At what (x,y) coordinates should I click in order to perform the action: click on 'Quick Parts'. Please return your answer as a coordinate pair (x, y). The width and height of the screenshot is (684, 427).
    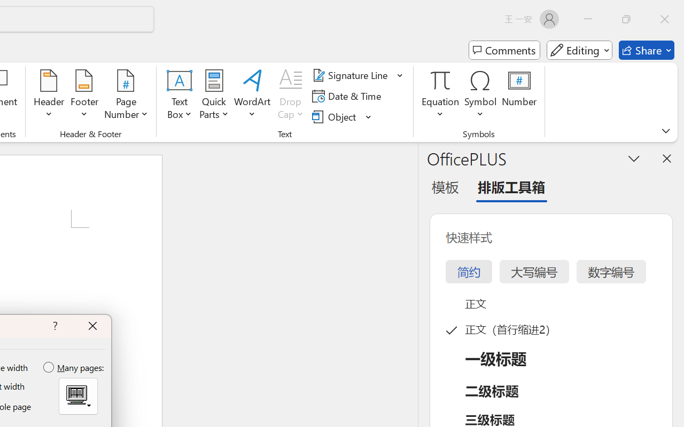
    Looking at the image, I should click on (214, 96).